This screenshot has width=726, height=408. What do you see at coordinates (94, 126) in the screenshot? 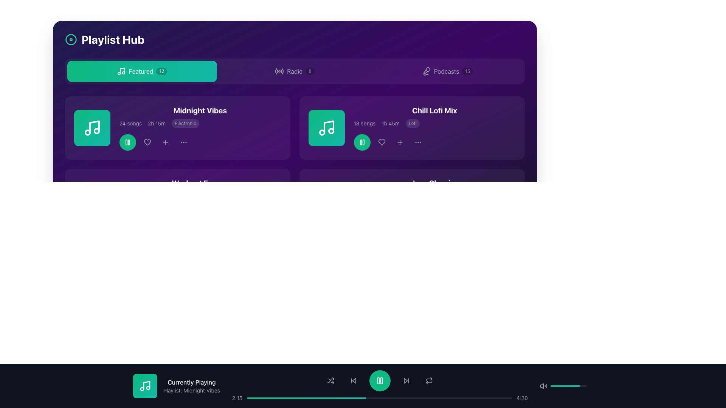
I see `the main stem of the music note icon, which is part of the 'Midnight Vibes' playlist tile, located in a green square` at bounding box center [94, 126].